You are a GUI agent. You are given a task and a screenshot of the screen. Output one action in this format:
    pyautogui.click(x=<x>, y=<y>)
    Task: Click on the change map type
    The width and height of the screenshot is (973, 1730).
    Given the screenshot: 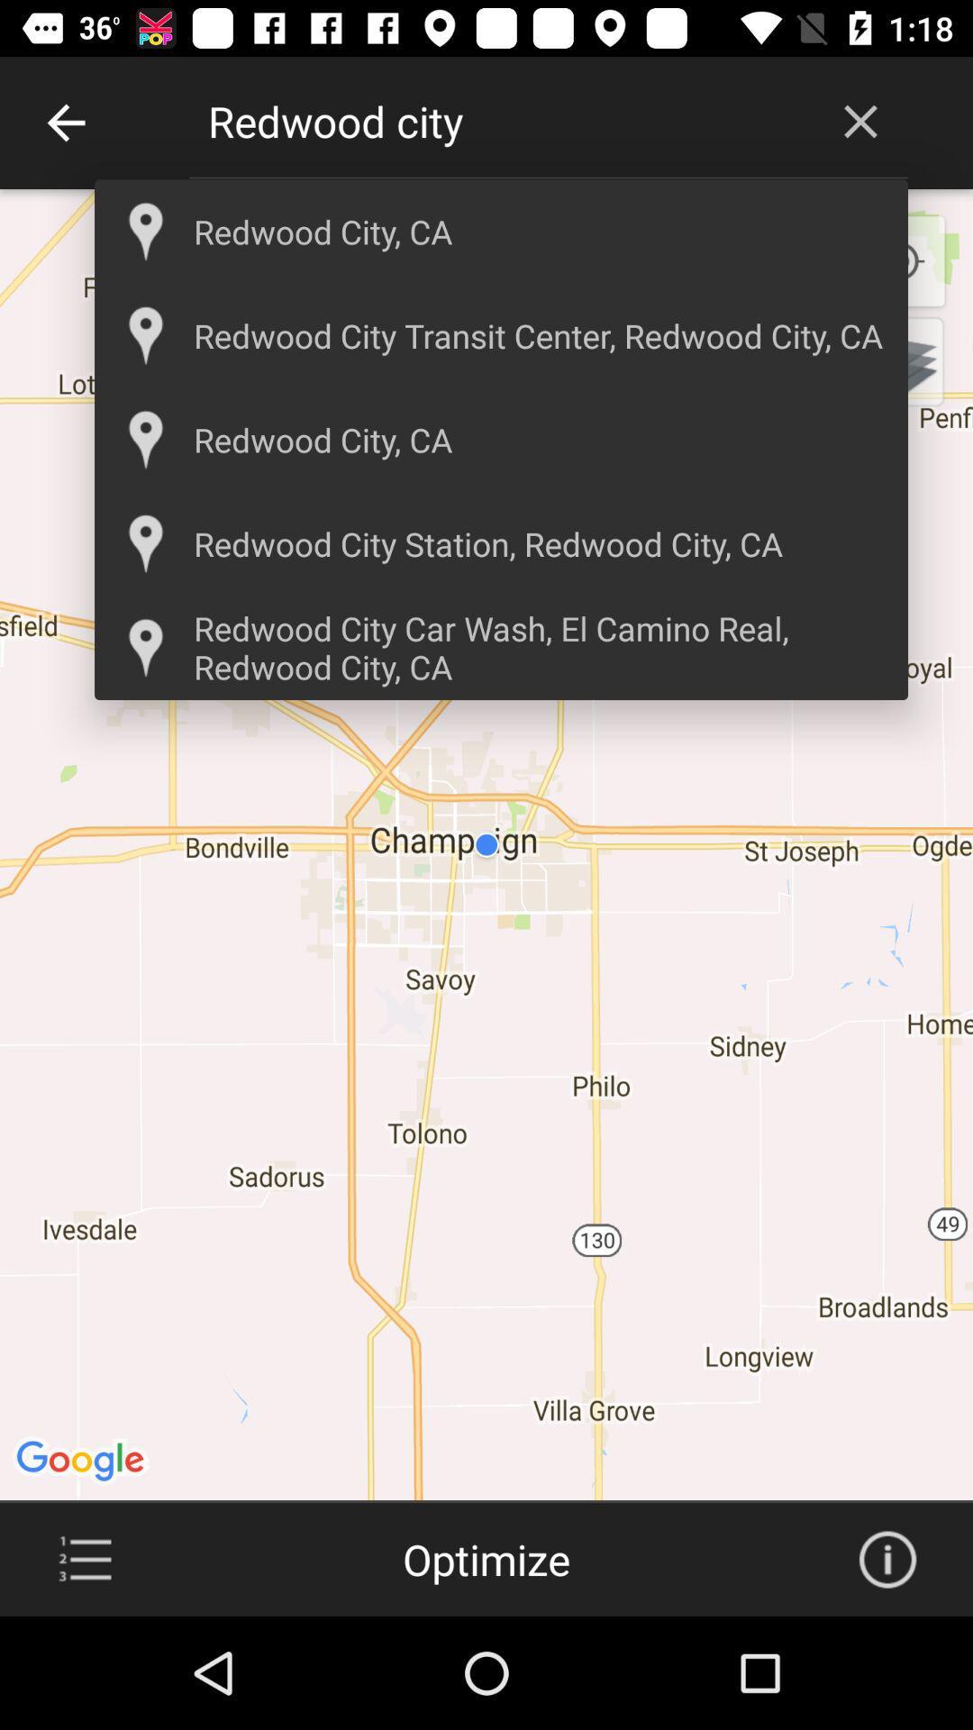 What is the action you would take?
    pyautogui.click(x=899, y=360)
    